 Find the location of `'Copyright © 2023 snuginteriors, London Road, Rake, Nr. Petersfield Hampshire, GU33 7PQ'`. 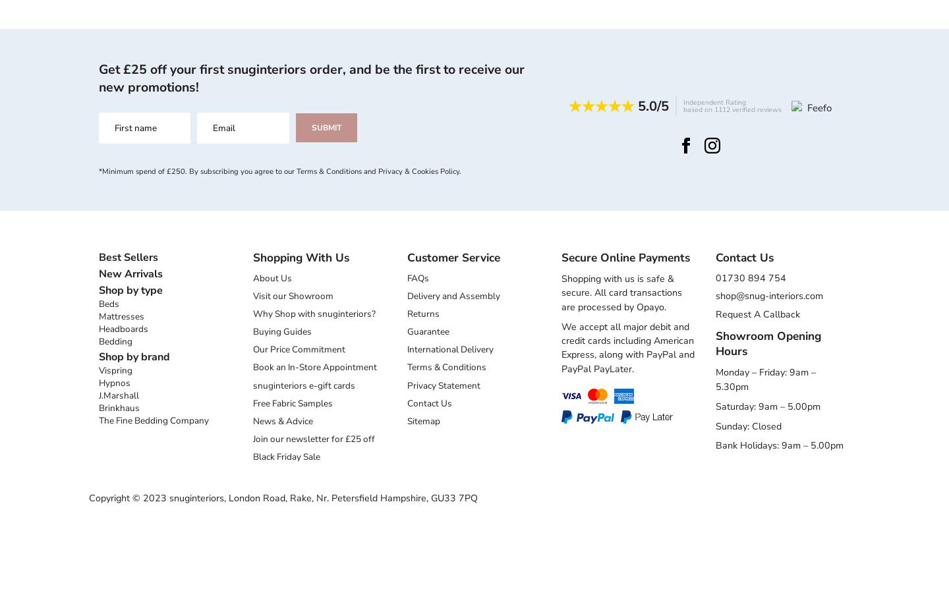

'Copyright © 2023 snuginteriors, London Road, Rake, Nr. Petersfield Hampshire, GU33 7PQ' is located at coordinates (283, 498).